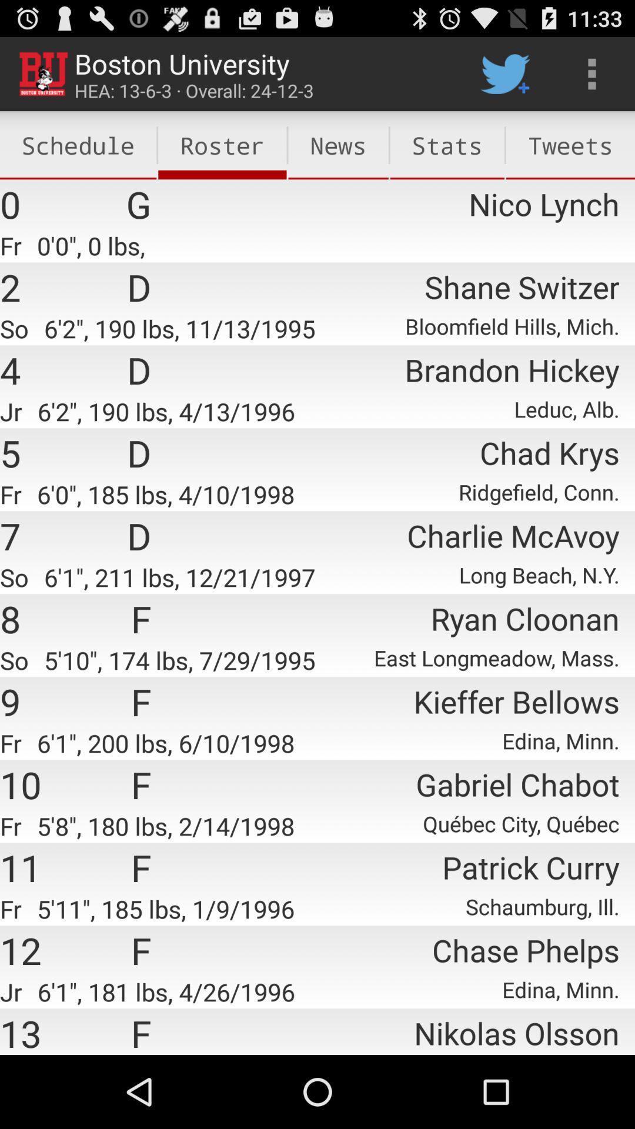 The image size is (635, 1129). Describe the element at coordinates (222, 145) in the screenshot. I see `the app below hea 13 6 icon` at that location.